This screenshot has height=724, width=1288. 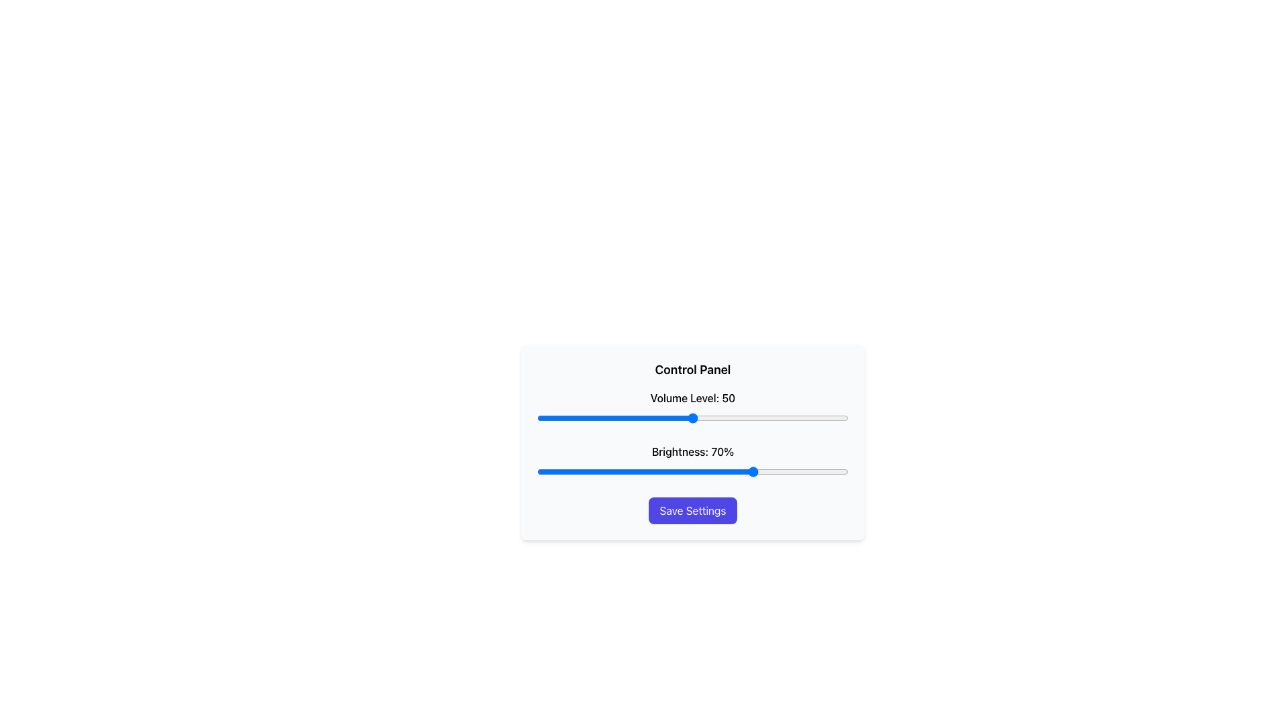 What do you see at coordinates (745, 471) in the screenshot?
I see `brightness` at bounding box center [745, 471].